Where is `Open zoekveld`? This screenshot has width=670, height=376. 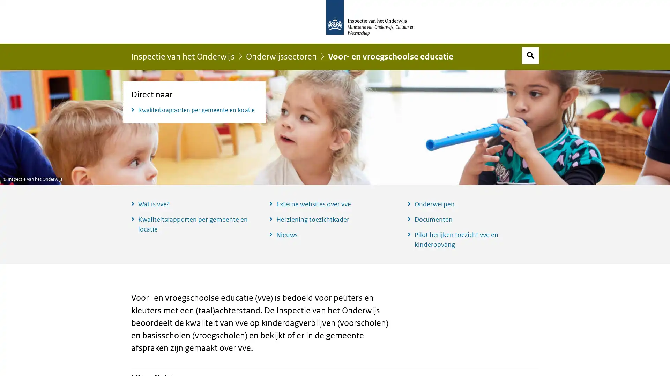 Open zoekveld is located at coordinates (530, 55).